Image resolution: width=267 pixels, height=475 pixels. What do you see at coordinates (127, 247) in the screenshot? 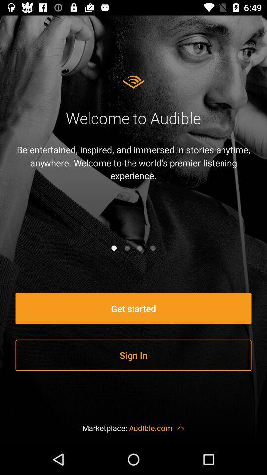
I see `the more icon` at bounding box center [127, 247].